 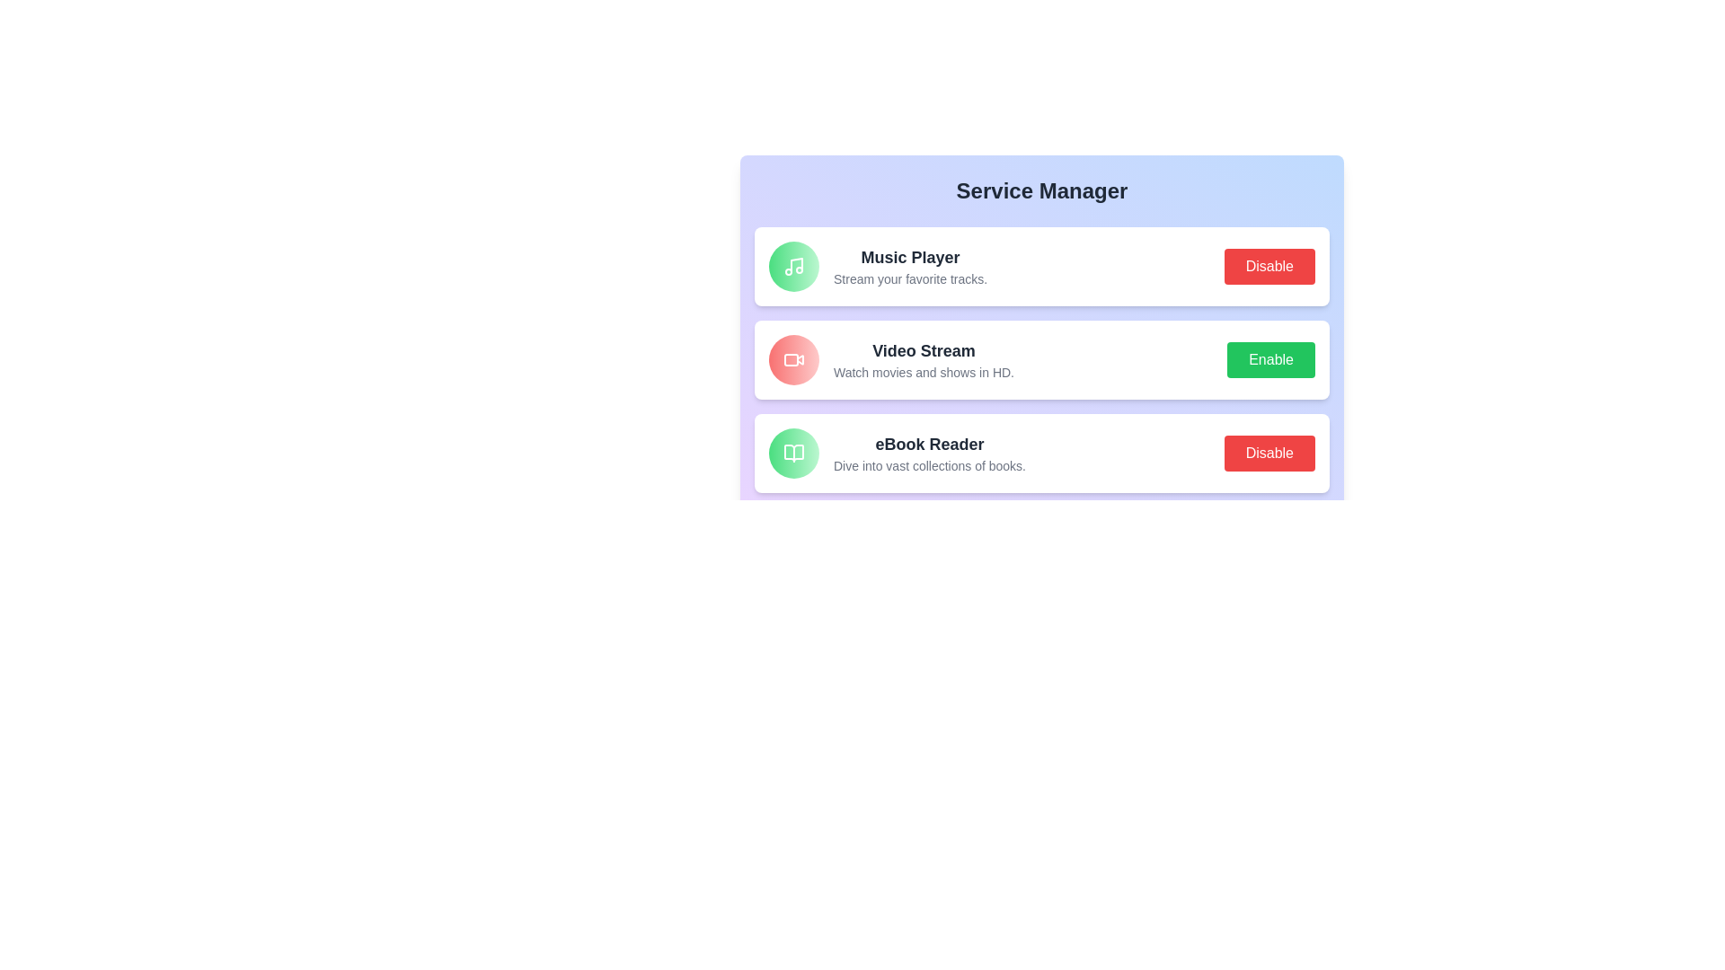 What do you see at coordinates (792, 360) in the screenshot?
I see `the icon of the service Video Stream` at bounding box center [792, 360].